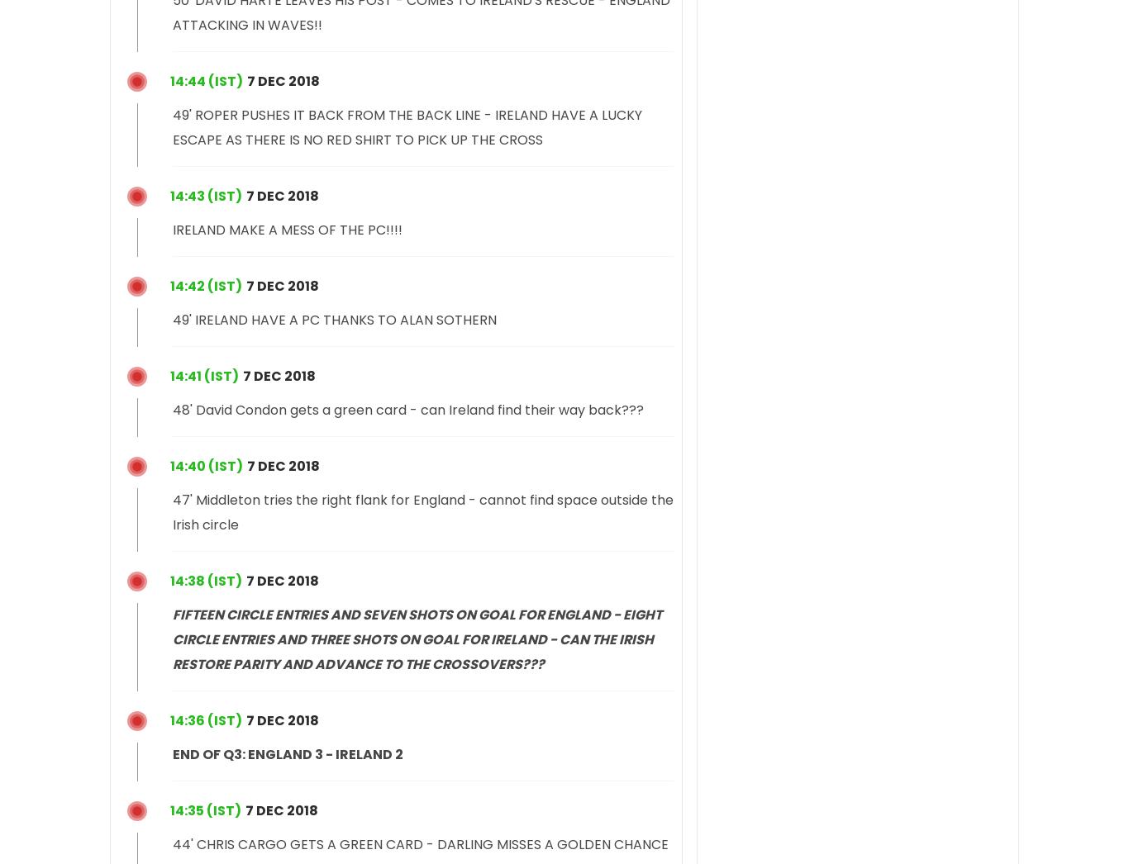 This screenshot has width=1129, height=864. I want to click on 'IRELAND MAKE A MESS OF THE PC!!!!', so click(287, 229).